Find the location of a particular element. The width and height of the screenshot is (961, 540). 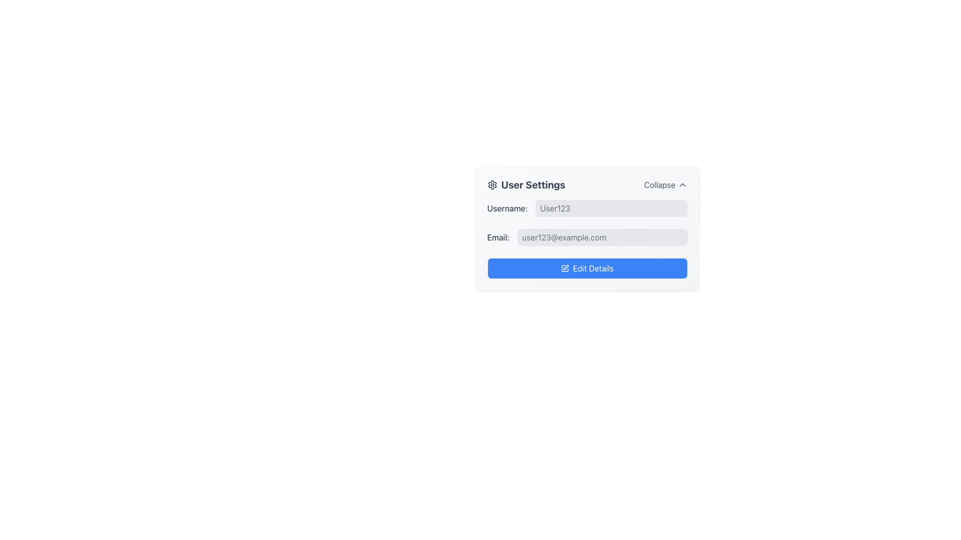

the read-only email input field labeled 'Email:' which displays the email address 'user123@example.com' is located at coordinates (587, 237).